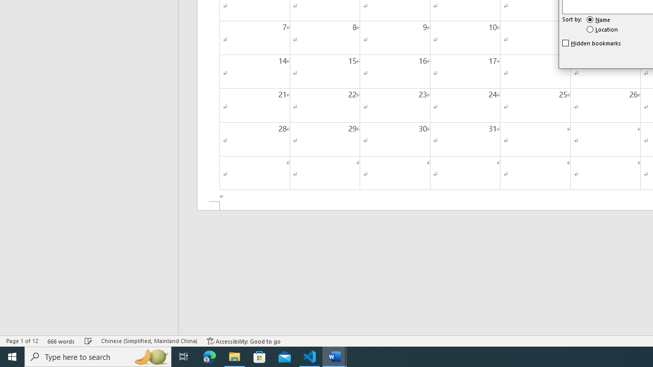  Describe the element at coordinates (599, 19) in the screenshot. I see `'Name'` at that location.